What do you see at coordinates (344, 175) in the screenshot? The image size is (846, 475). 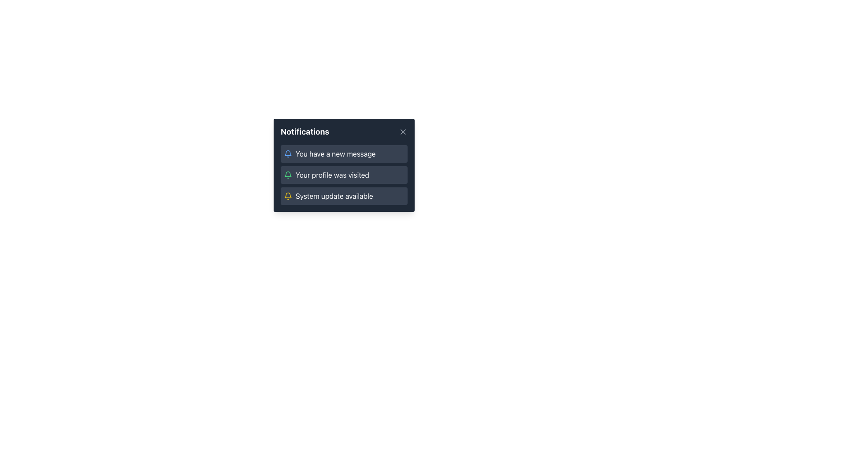 I see `the notification items in the vertically stacked list within the 'Notifications' panel` at bounding box center [344, 175].